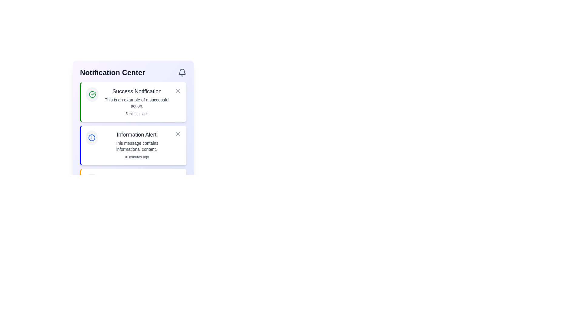 The image size is (582, 327). Describe the element at coordinates (92, 94) in the screenshot. I see `the visual styling of the success notification icon located in the top-left corner of the 'Success Notification' message card, which is the first in the vertical list of notifications in the 'Notification Center'` at that location.